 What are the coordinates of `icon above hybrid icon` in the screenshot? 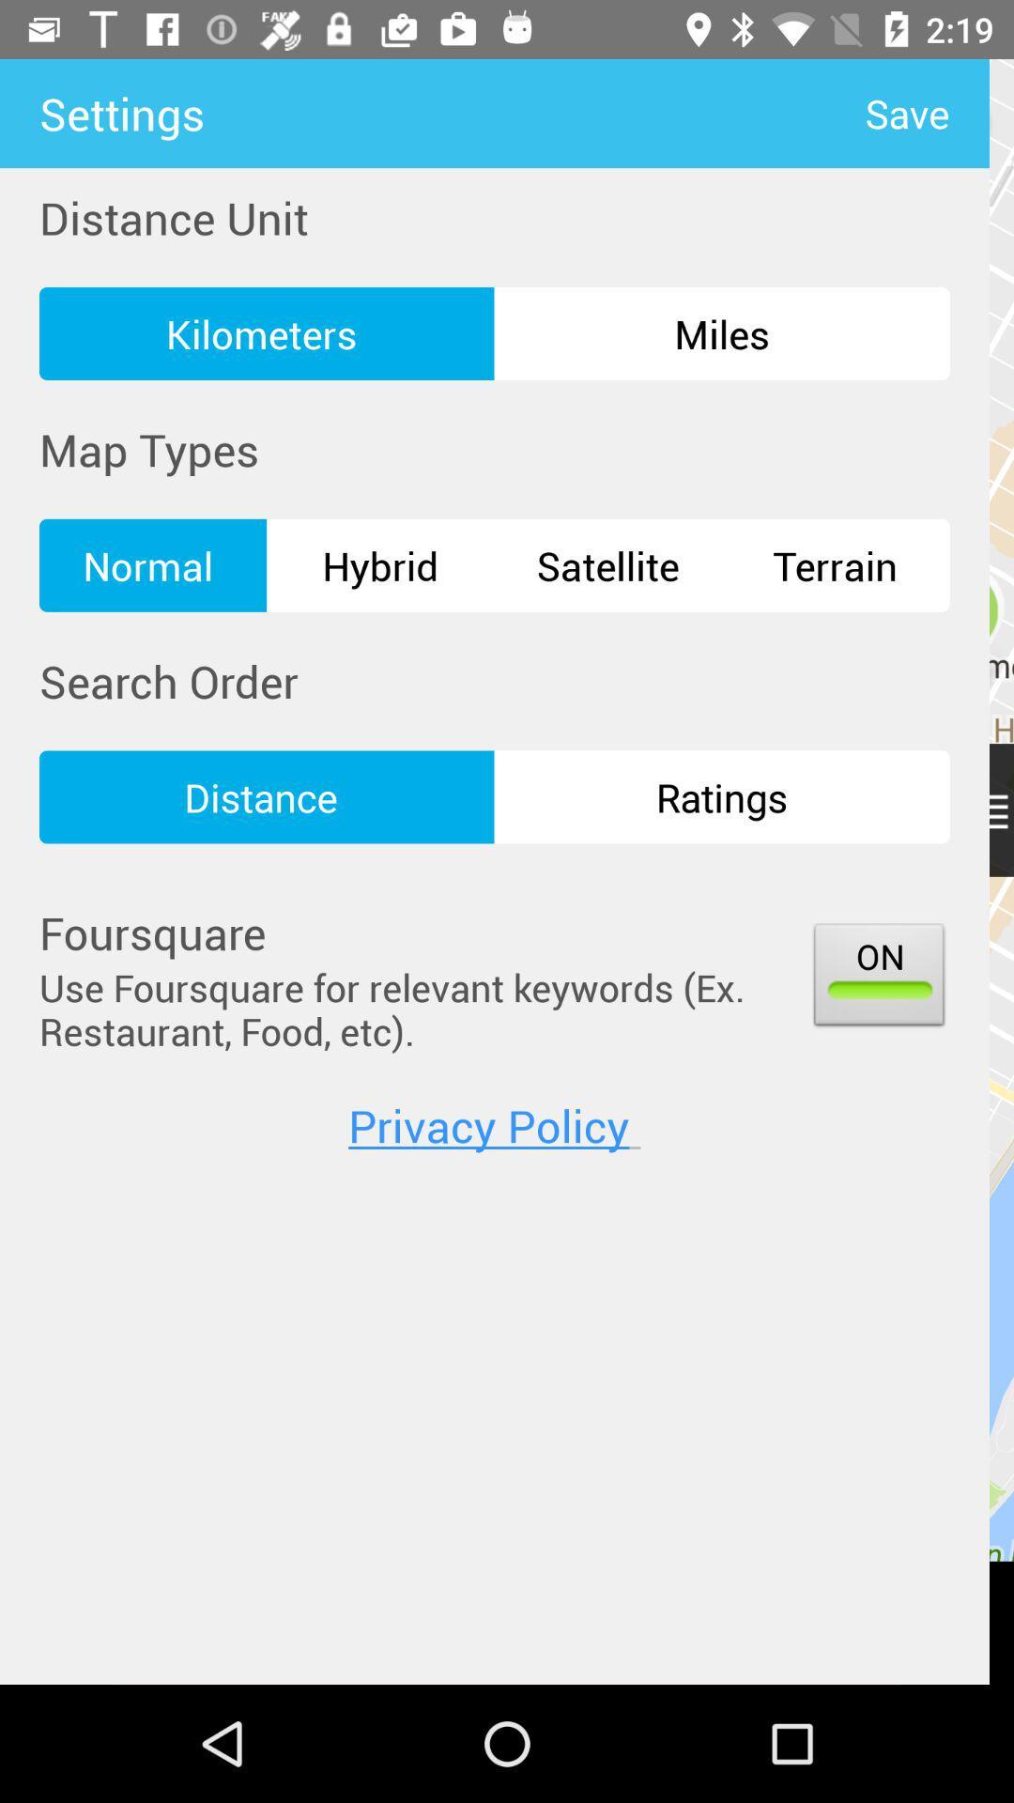 It's located at (721, 333).